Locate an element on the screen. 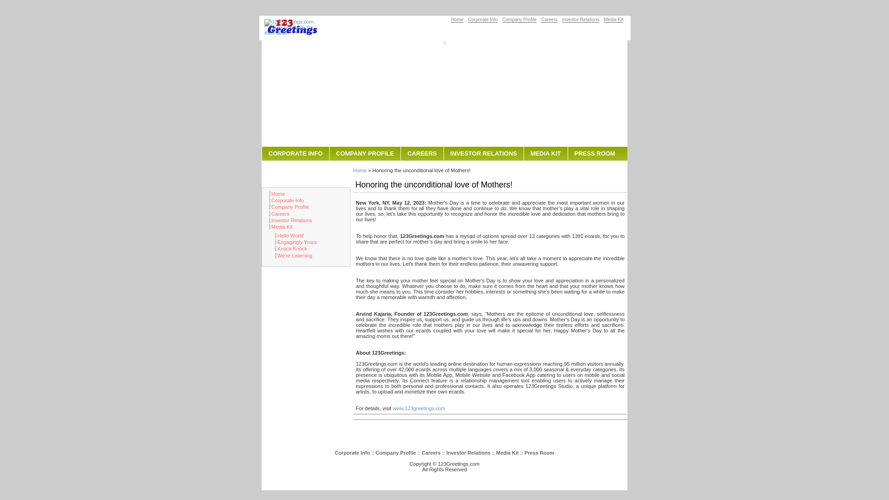  'Hello World' is located at coordinates (288, 235).